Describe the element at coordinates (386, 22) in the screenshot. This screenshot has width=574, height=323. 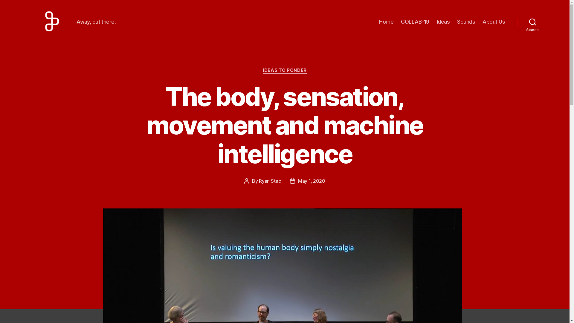
I see `'Home'` at that location.